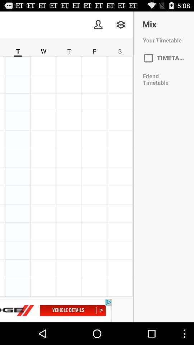 The width and height of the screenshot is (194, 345). Describe the element at coordinates (121, 26) in the screenshot. I see `the layers icon` at that location.